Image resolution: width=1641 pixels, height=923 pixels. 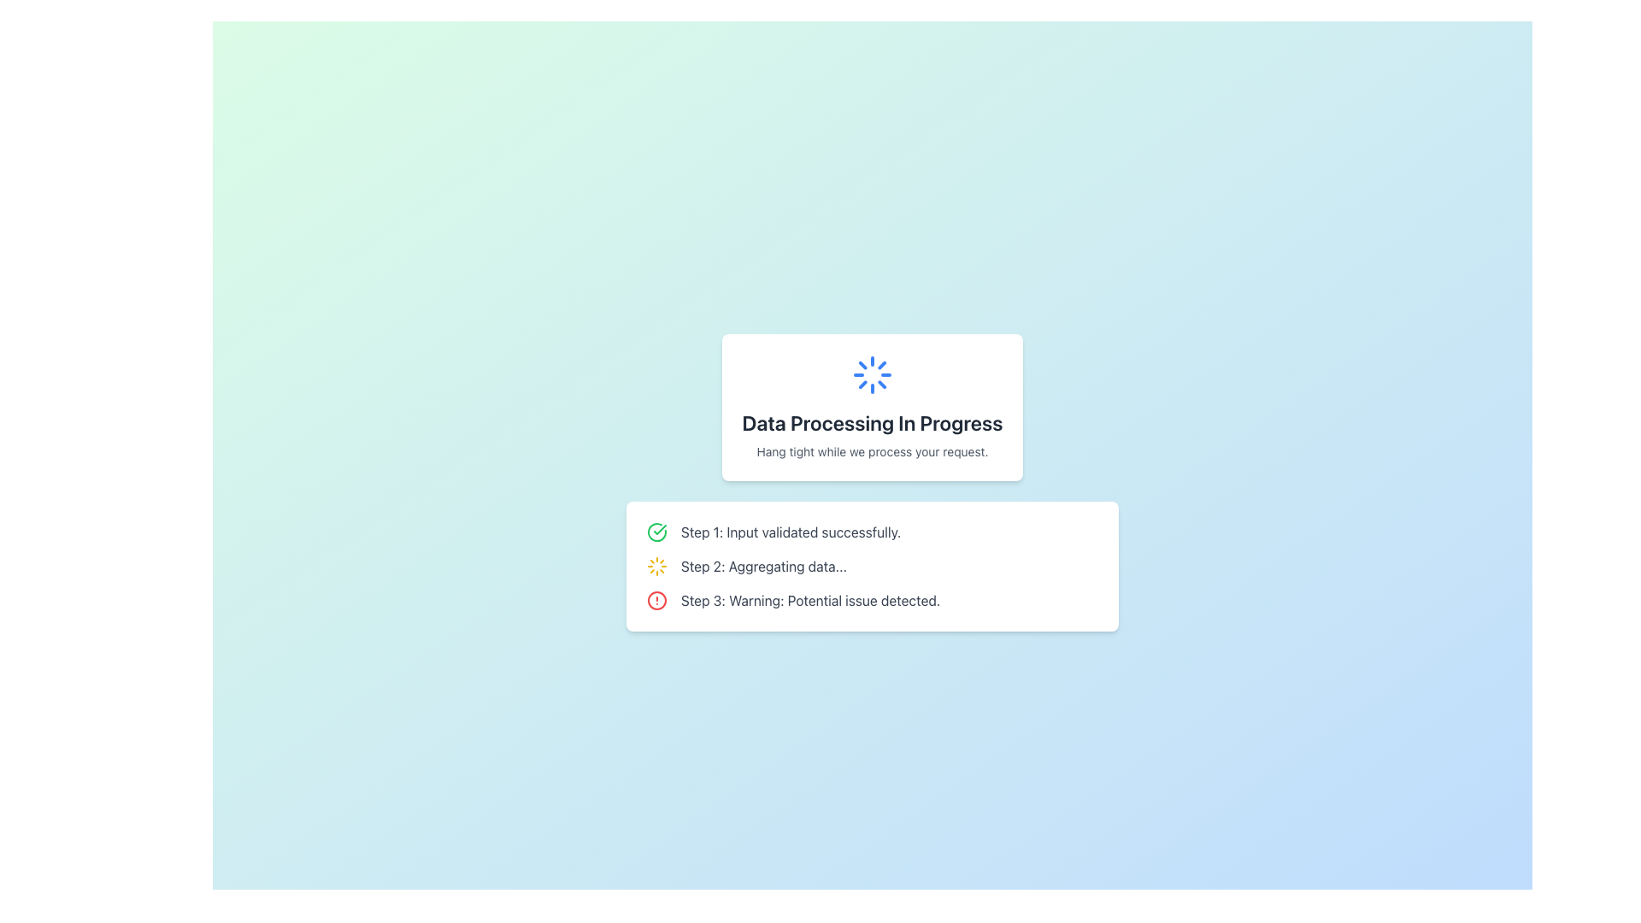 I want to click on text displayed in the bold font style as 'Step 2: Aggregating data...' located under the header 'Data Processing In Progress' in the progress step list, so click(x=762, y=567).